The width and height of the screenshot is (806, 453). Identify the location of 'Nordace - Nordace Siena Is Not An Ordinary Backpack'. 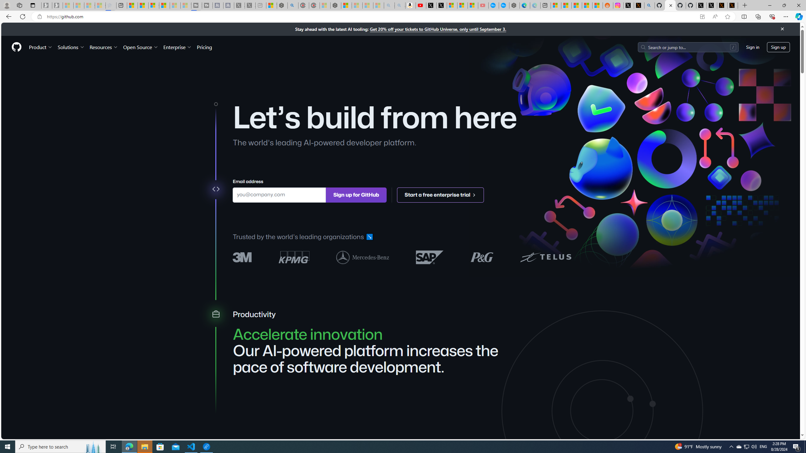
(336, 5).